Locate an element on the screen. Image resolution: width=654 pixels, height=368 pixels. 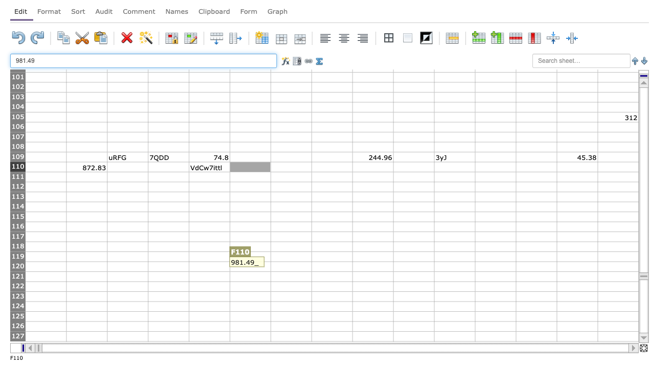
G120 is located at coordinates (290, 266).